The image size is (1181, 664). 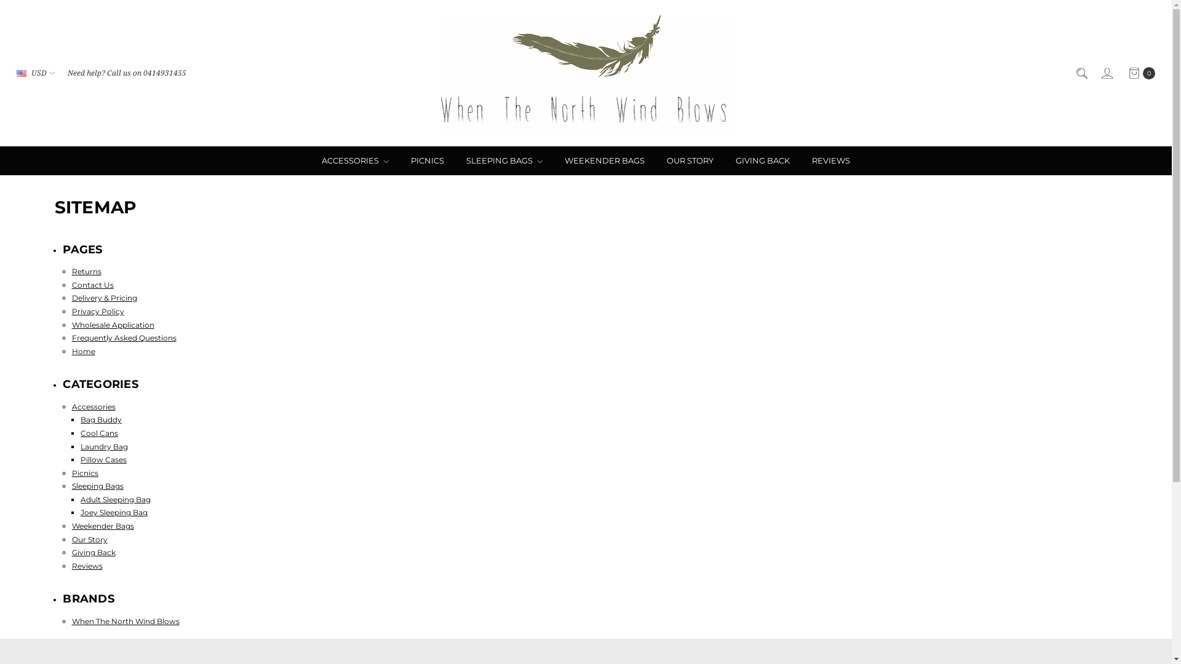 What do you see at coordinates (654, 160) in the screenshot?
I see `'OUR STORY'` at bounding box center [654, 160].